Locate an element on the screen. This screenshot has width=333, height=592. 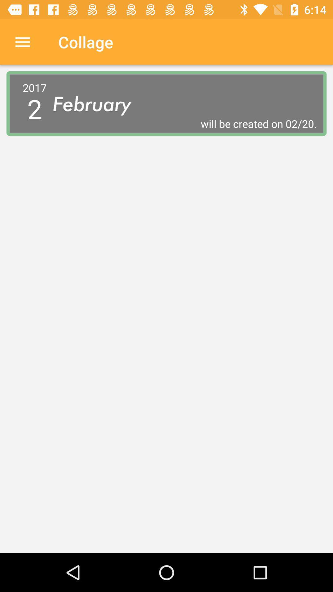
will be created icon is located at coordinates (185, 123).